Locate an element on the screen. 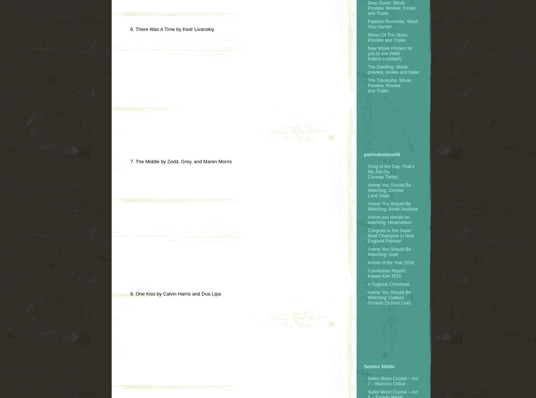  'Congrats to the Super Bowl Champion LI New England Patriots!' is located at coordinates (391, 235).